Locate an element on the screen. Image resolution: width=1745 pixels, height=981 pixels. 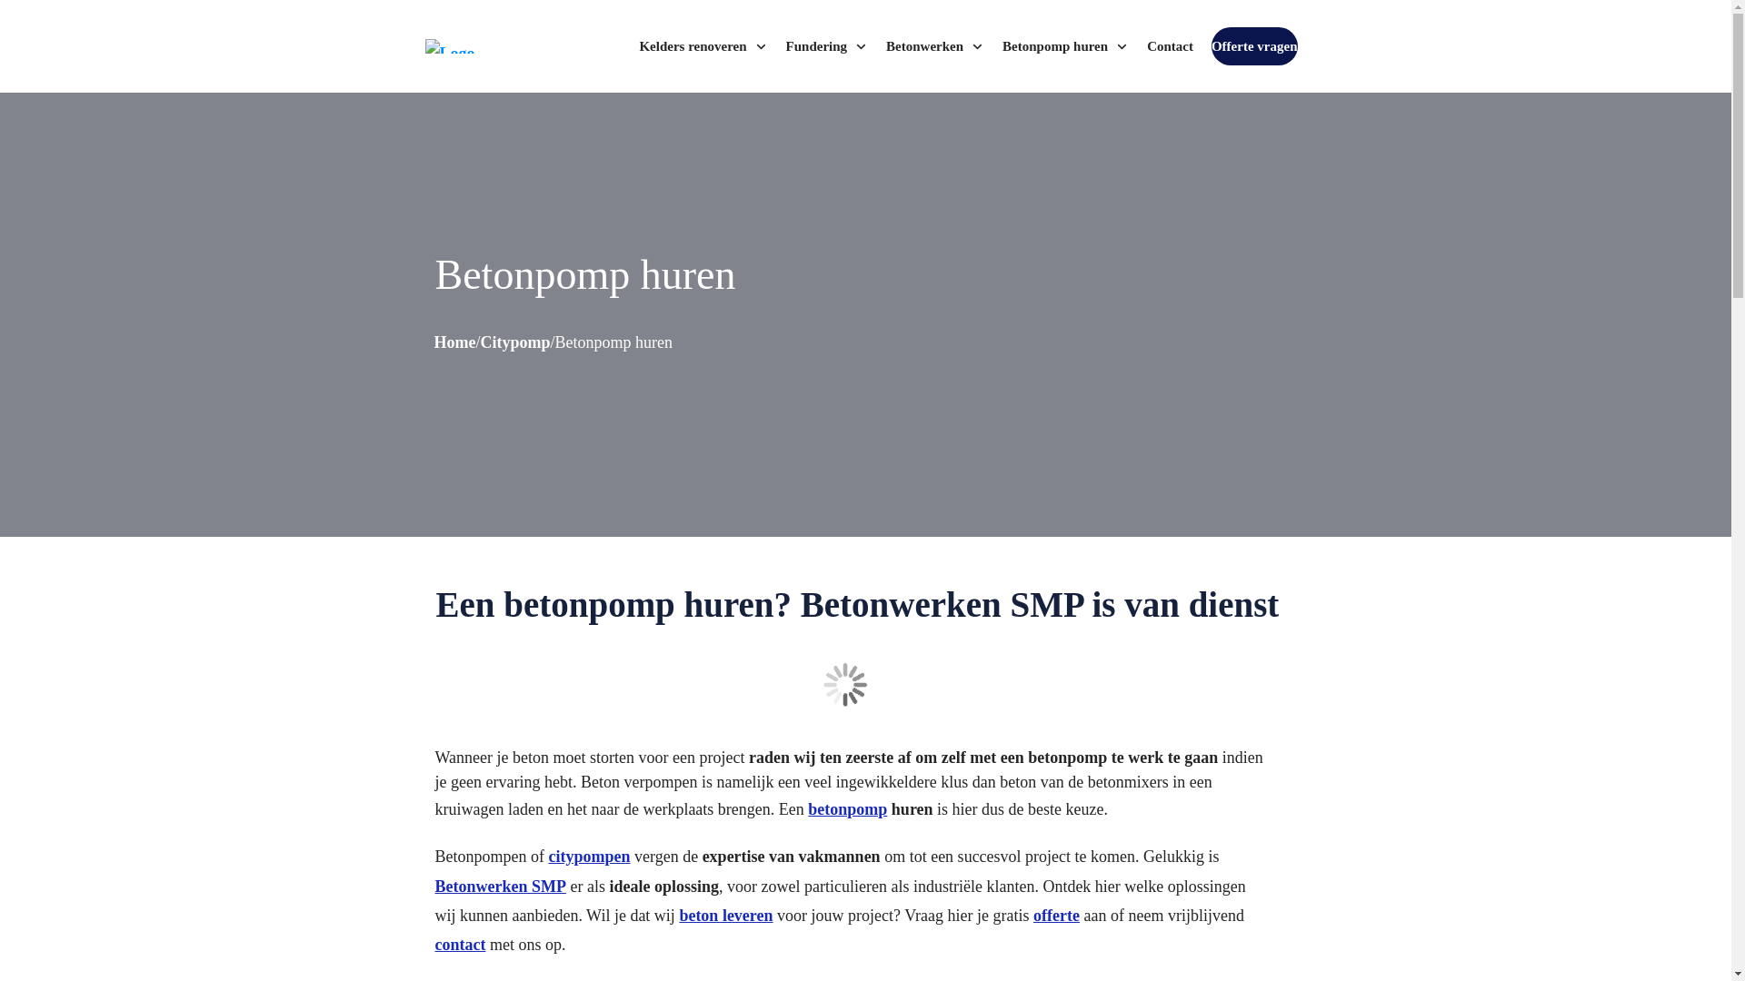
'Offerte vragen' is located at coordinates (1212, 45).